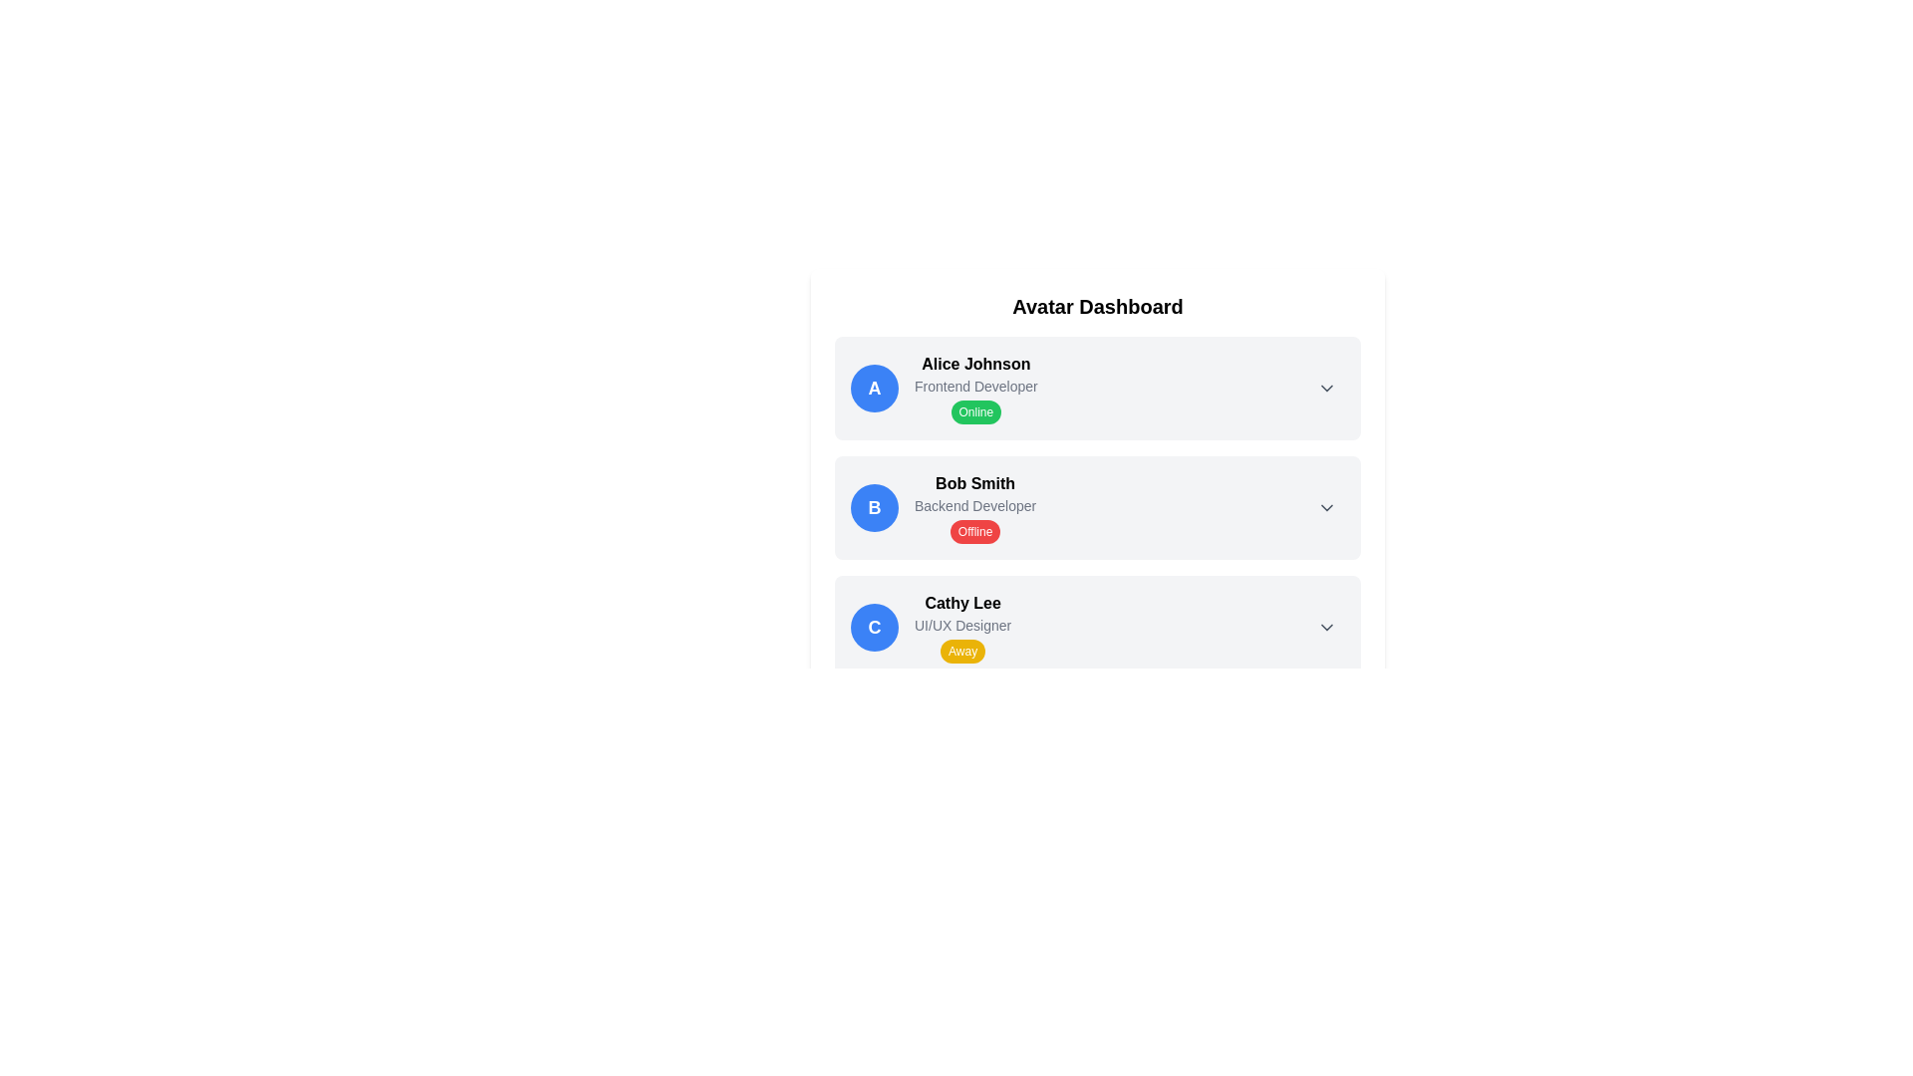 This screenshot has width=1913, height=1076. Describe the element at coordinates (975, 530) in the screenshot. I see `the 'Offline' status label component, which is a small, rounded rectangular label with a red background located in the bottom-right corner of the panel associated with 'Bob Smith'` at that location.